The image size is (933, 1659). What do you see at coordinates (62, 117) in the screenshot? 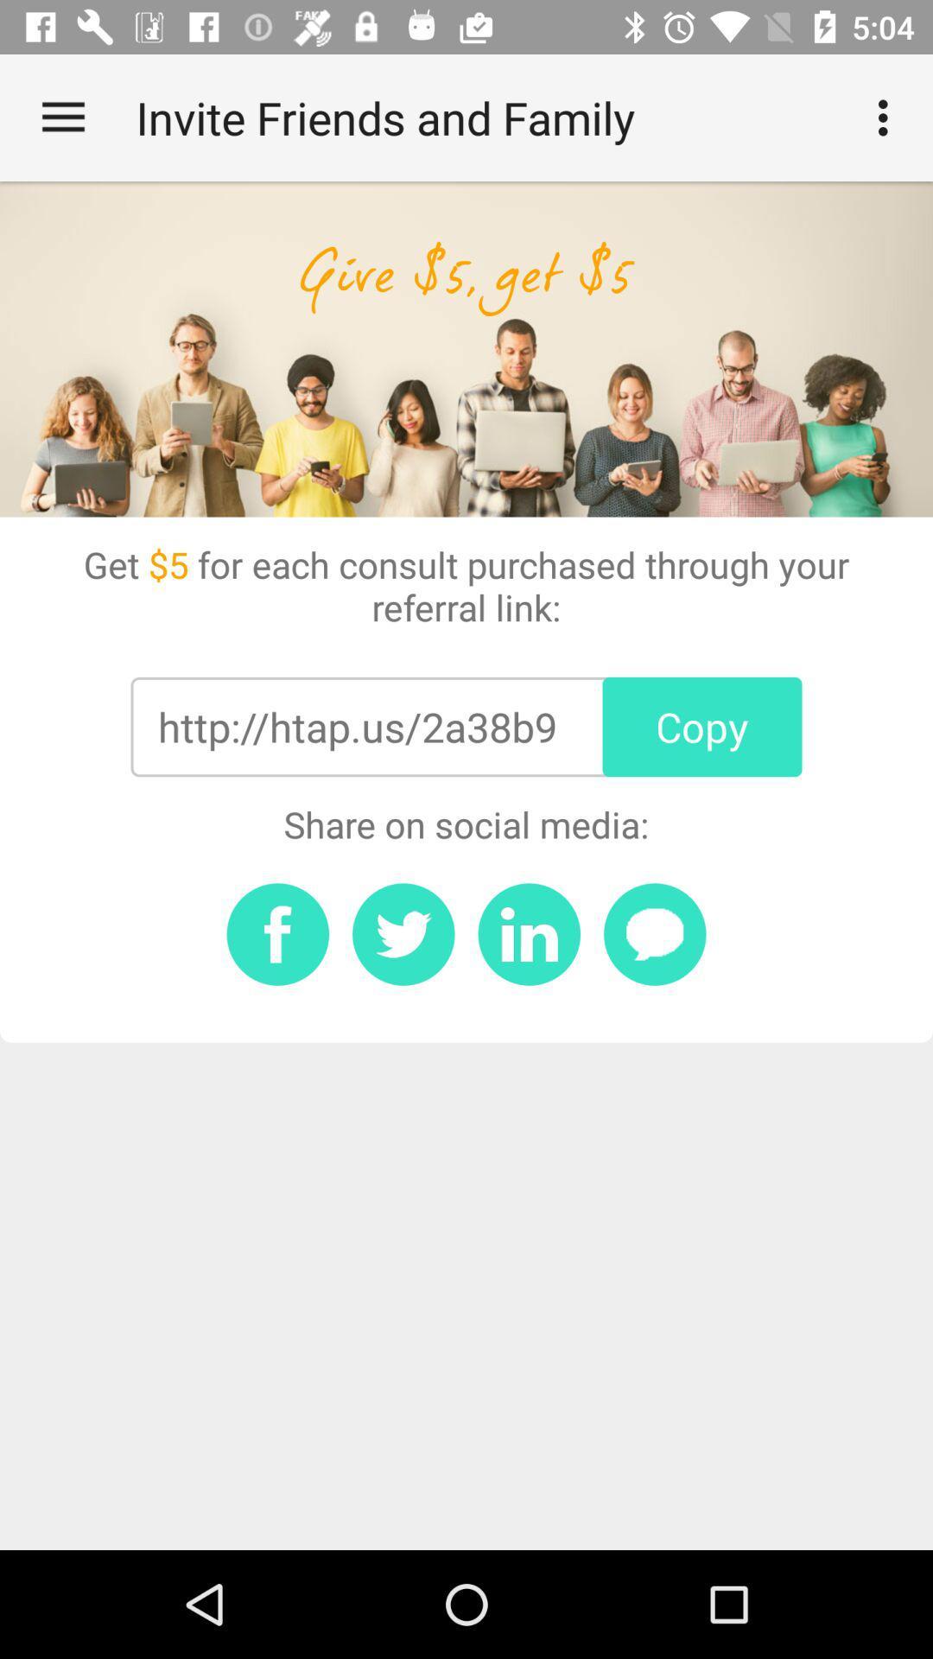
I see `the item at the top left corner` at bounding box center [62, 117].